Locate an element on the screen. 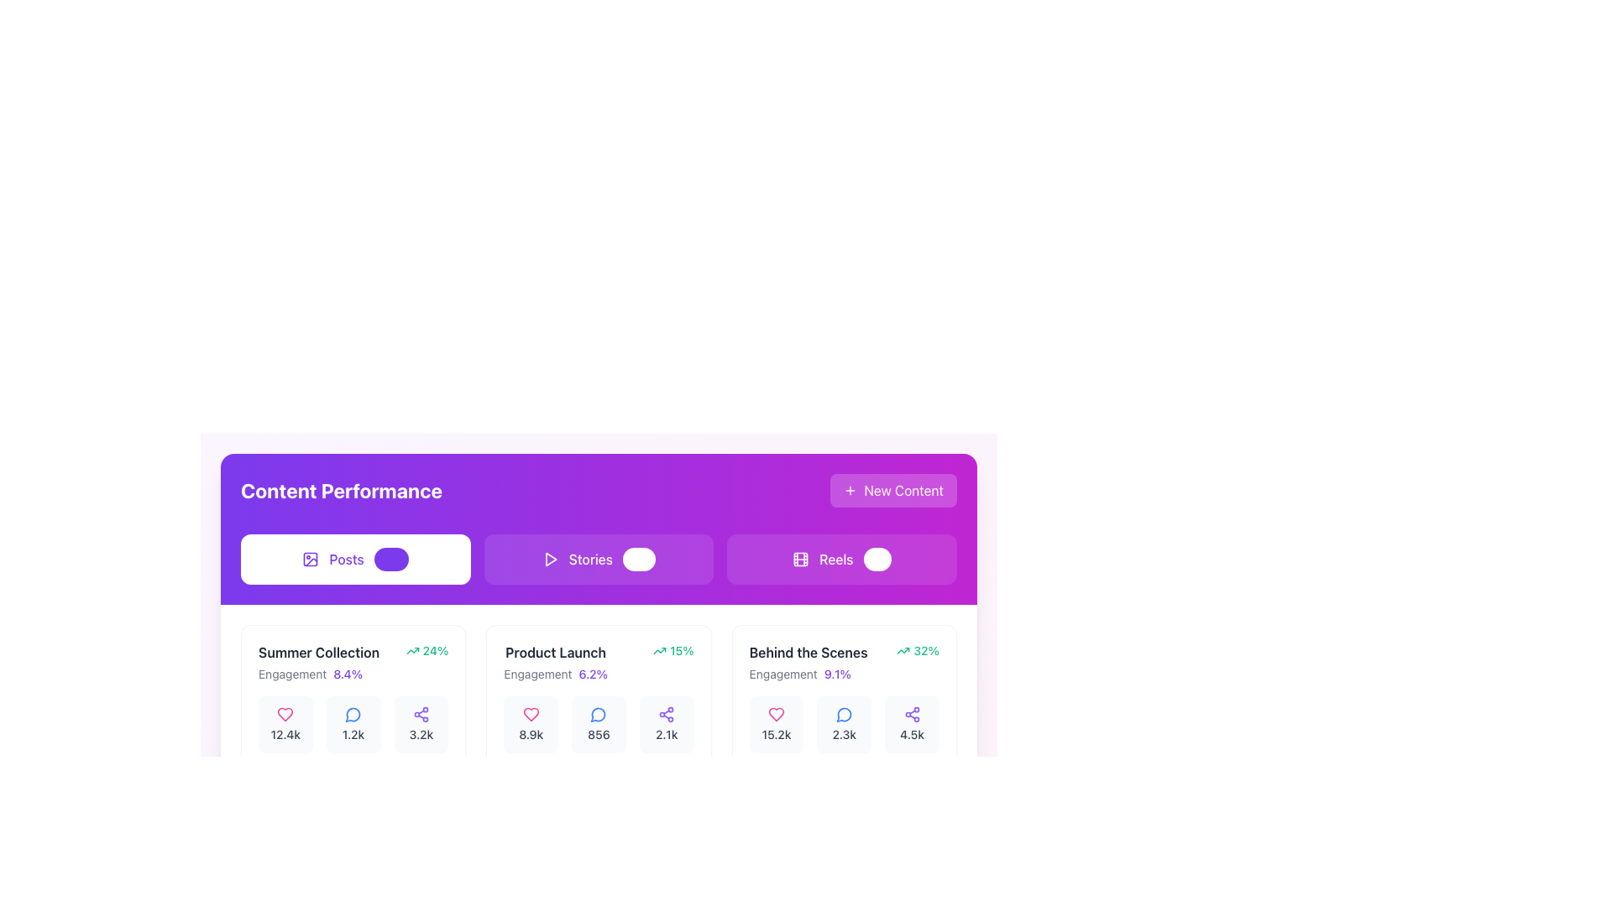 This screenshot has height=906, width=1612. the display component with a blue speech bubble icon and the numeric text '1.2k' beneath it, located in the center of the group under the 'Summer Collection' section is located at coordinates (353, 724).